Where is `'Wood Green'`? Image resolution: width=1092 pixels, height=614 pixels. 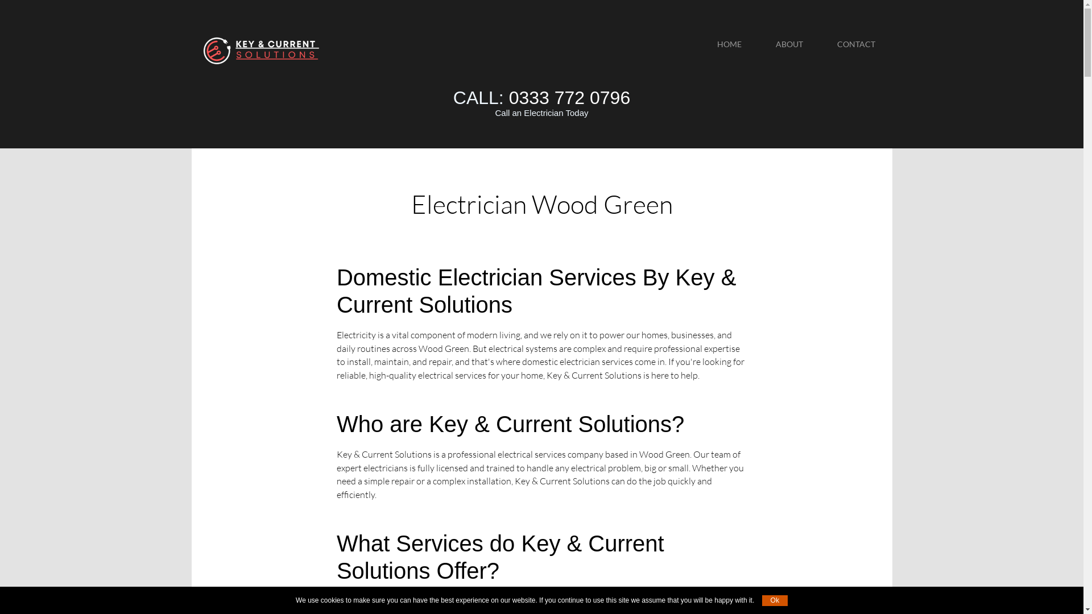
'Wood Green' is located at coordinates (262, 51).